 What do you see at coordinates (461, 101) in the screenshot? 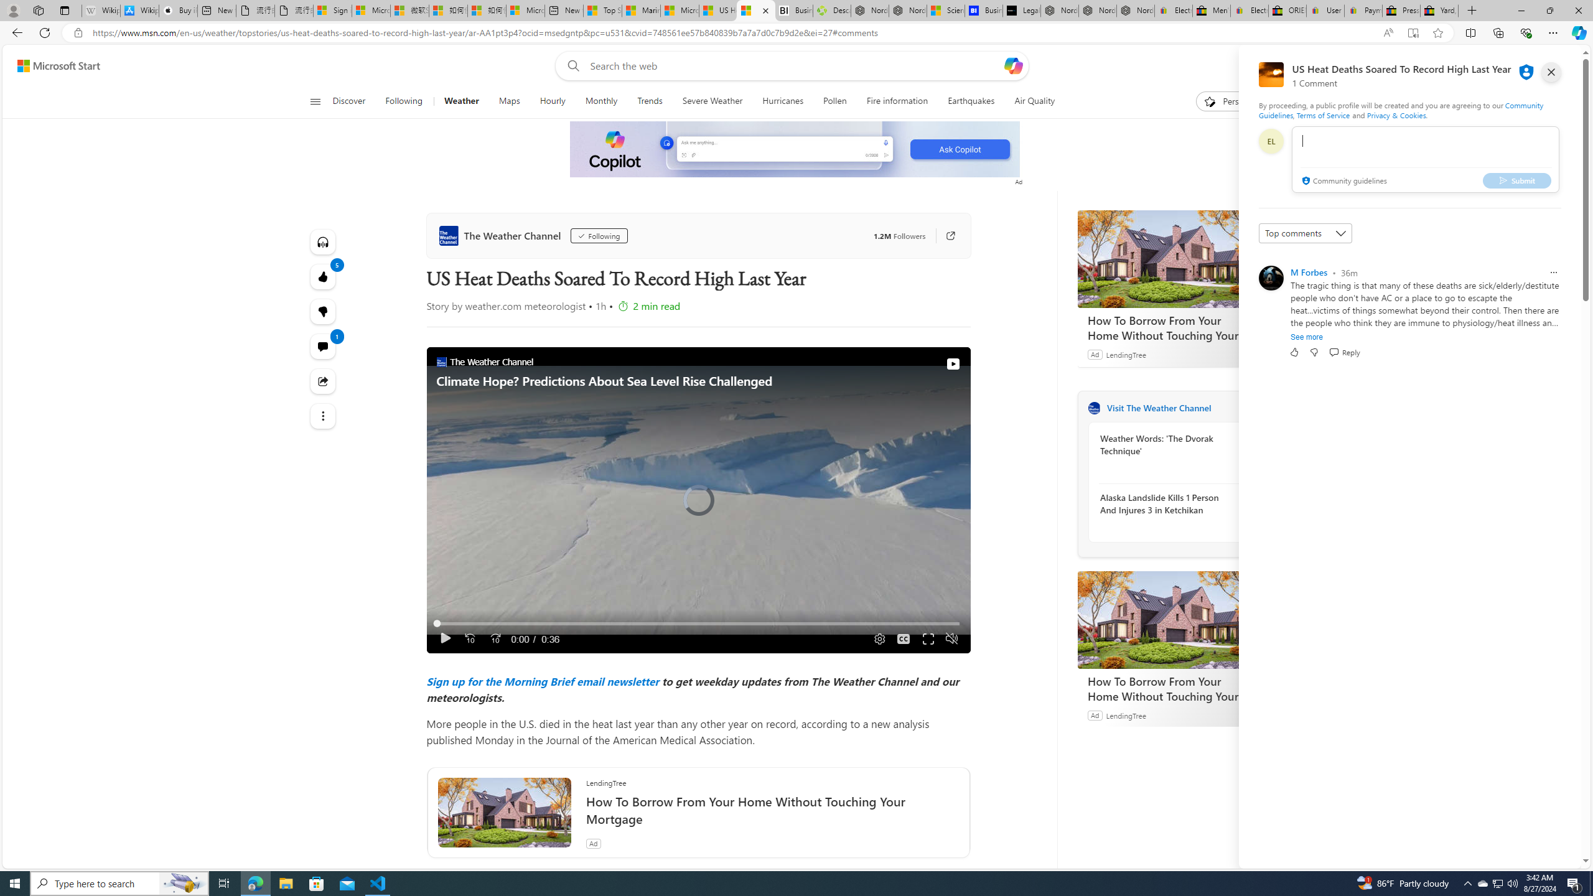
I see `'Weather'` at bounding box center [461, 101].